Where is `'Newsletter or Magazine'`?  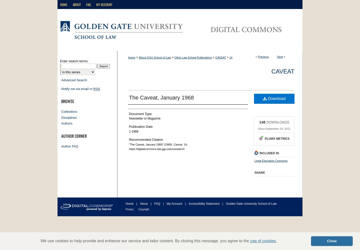
'Newsletter or Magazine' is located at coordinates (145, 118).